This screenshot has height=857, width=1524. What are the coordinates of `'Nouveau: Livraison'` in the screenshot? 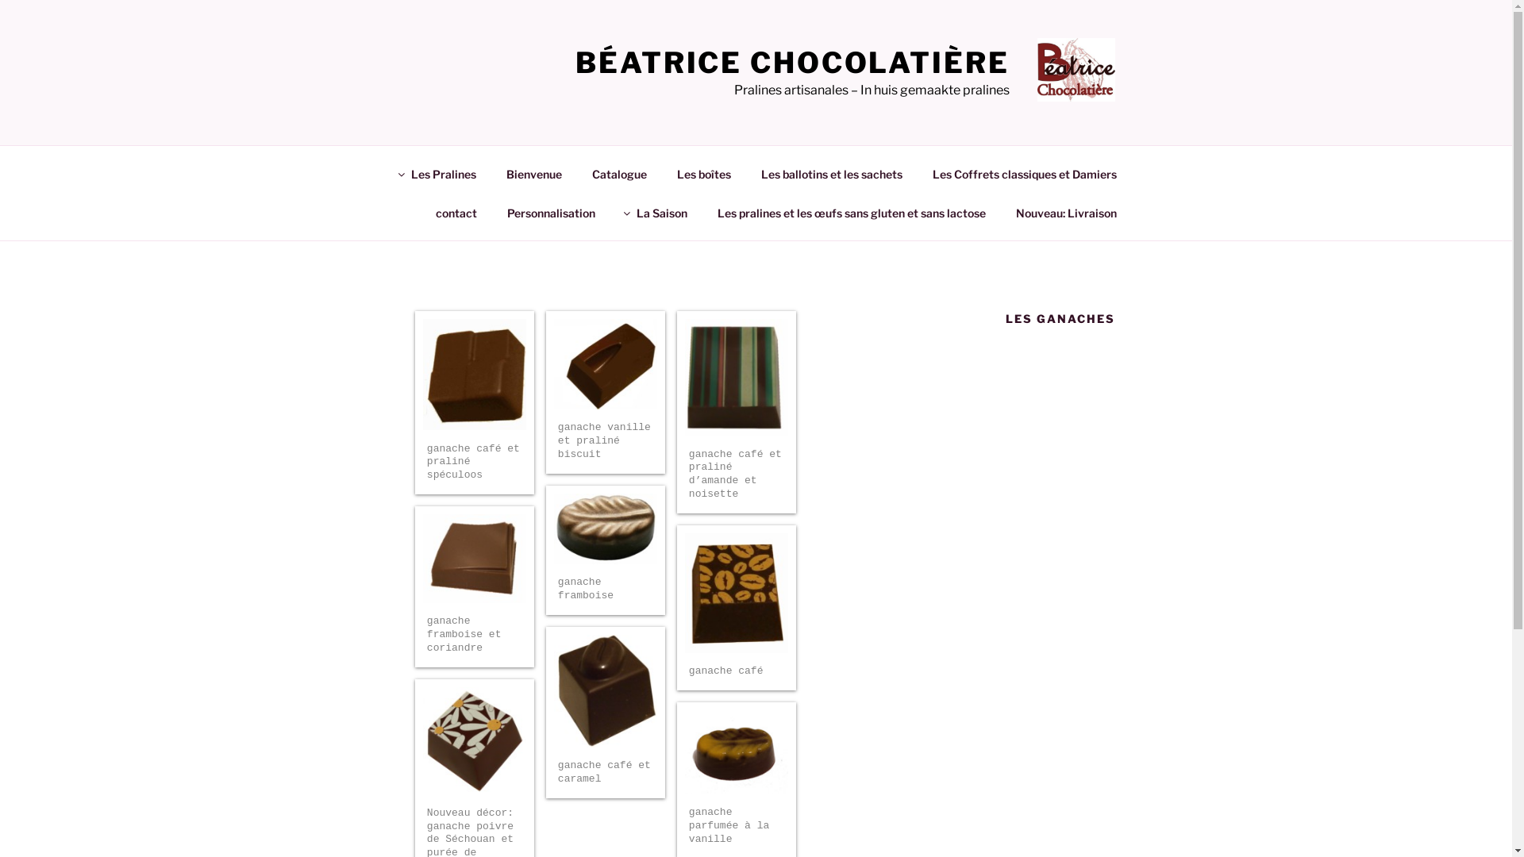 It's located at (1066, 212).